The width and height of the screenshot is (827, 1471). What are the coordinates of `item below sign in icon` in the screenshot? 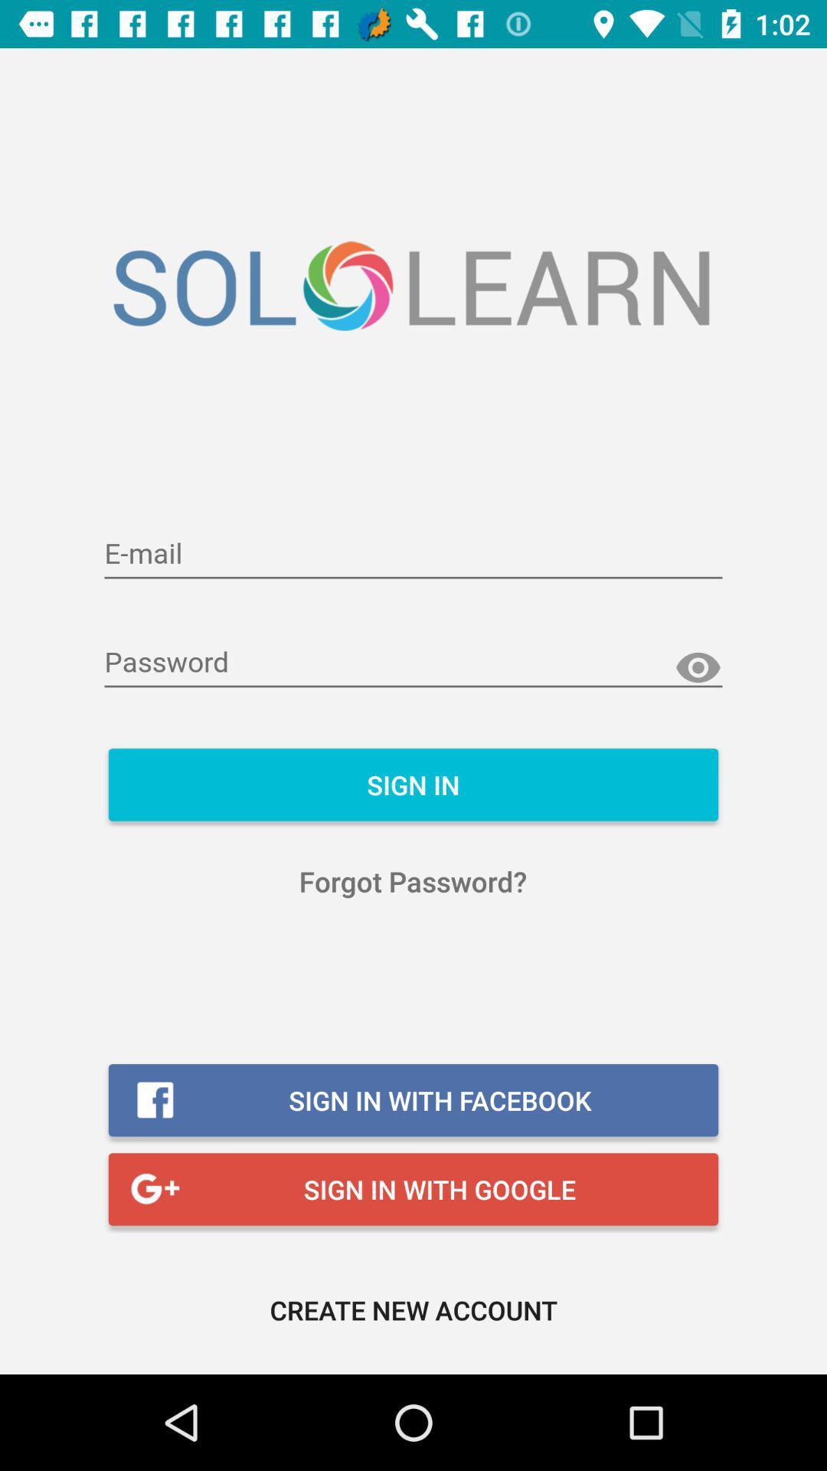 It's located at (412, 881).